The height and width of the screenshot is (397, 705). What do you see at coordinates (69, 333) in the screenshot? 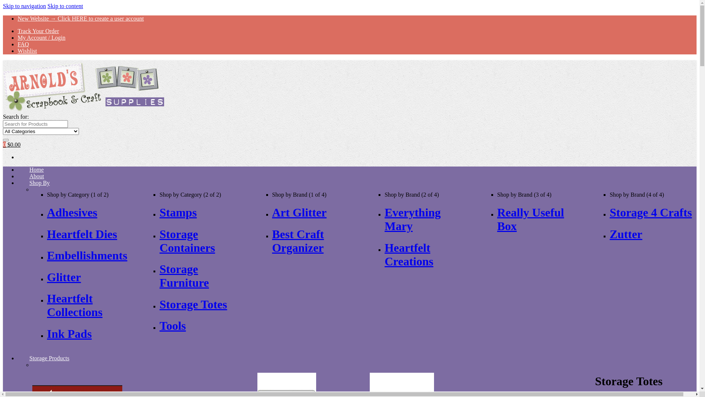
I see `'Ink Pads'` at bounding box center [69, 333].